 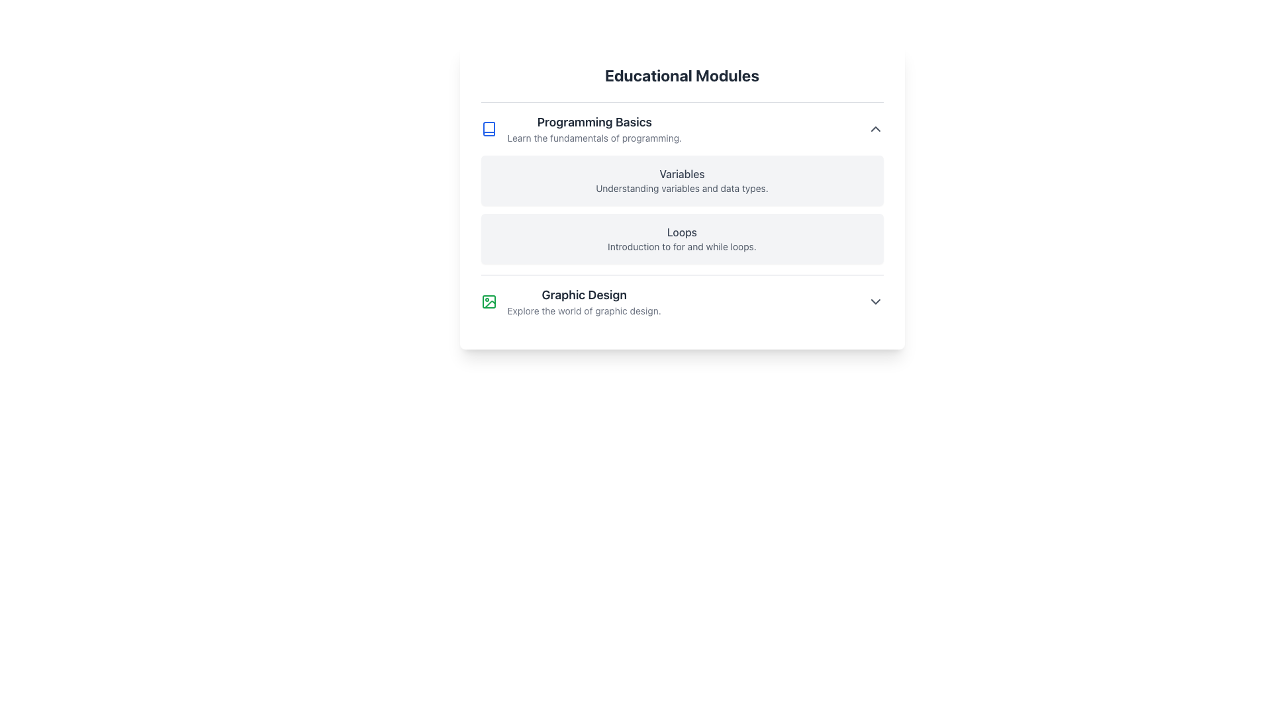 I want to click on the interactive list item titled 'Graphic Design' using keyboard navigation, so click(x=682, y=301).